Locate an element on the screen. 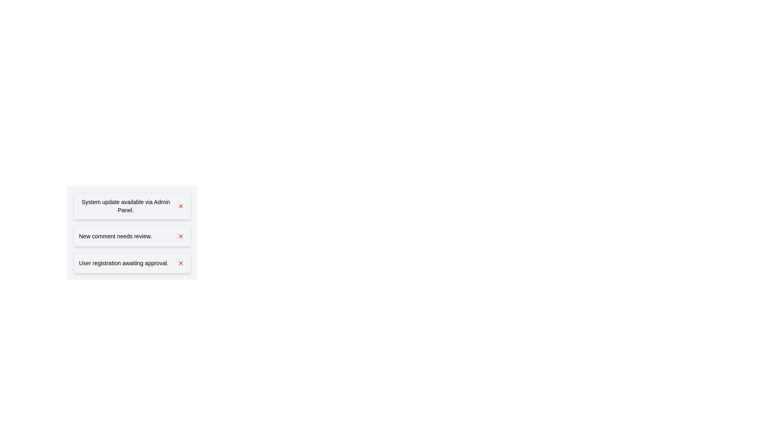  the status message text label indicating pending user registration approval, located at the center of the third notification box is located at coordinates (123, 263).